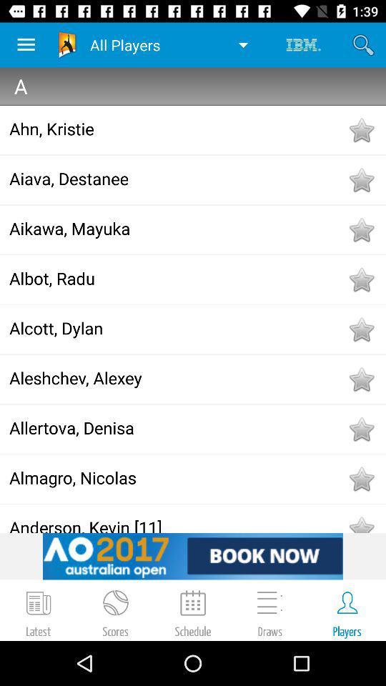 The height and width of the screenshot is (686, 386). Describe the element at coordinates (193, 555) in the screenshot. I see `the item below the anderson, kevin [11] item` at that location.